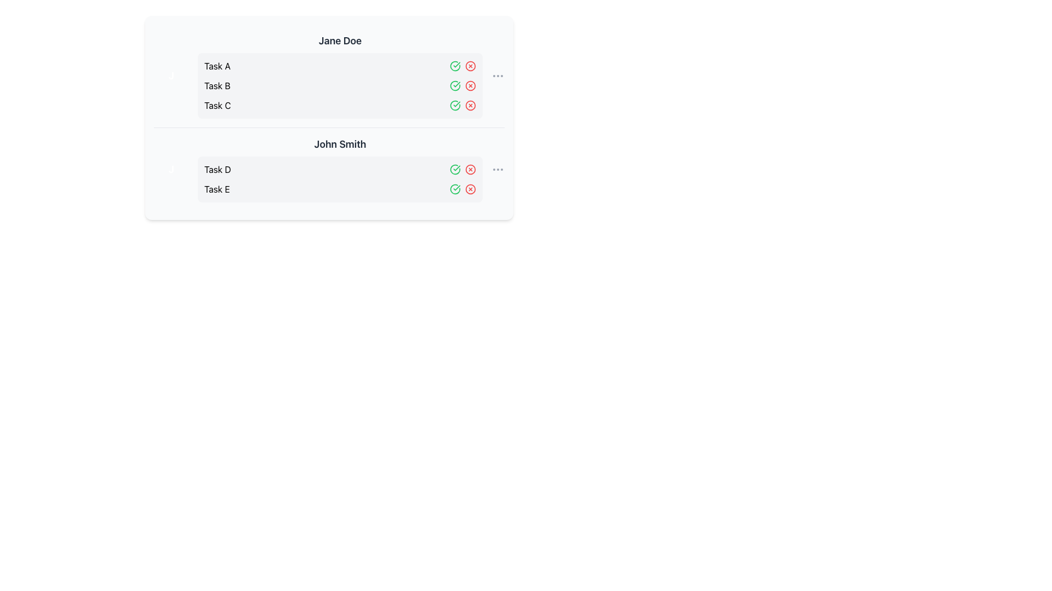 The width and height of the screenshot is (1052, 591). What do you see at coordinates (328, 169) in the screenshot?
I see `the icons associated with the tasks in the informational card for user 'John Smith', located in the second group below 'Jane Doe'` at bounding box center [328, 169].